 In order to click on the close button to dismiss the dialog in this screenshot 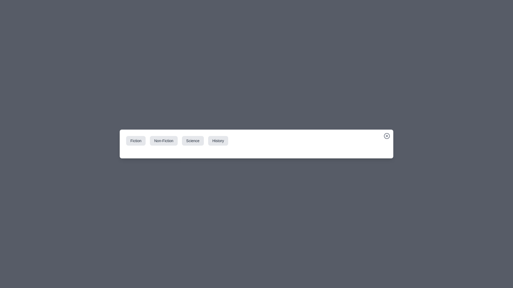, I will do `click(387, 135)`.